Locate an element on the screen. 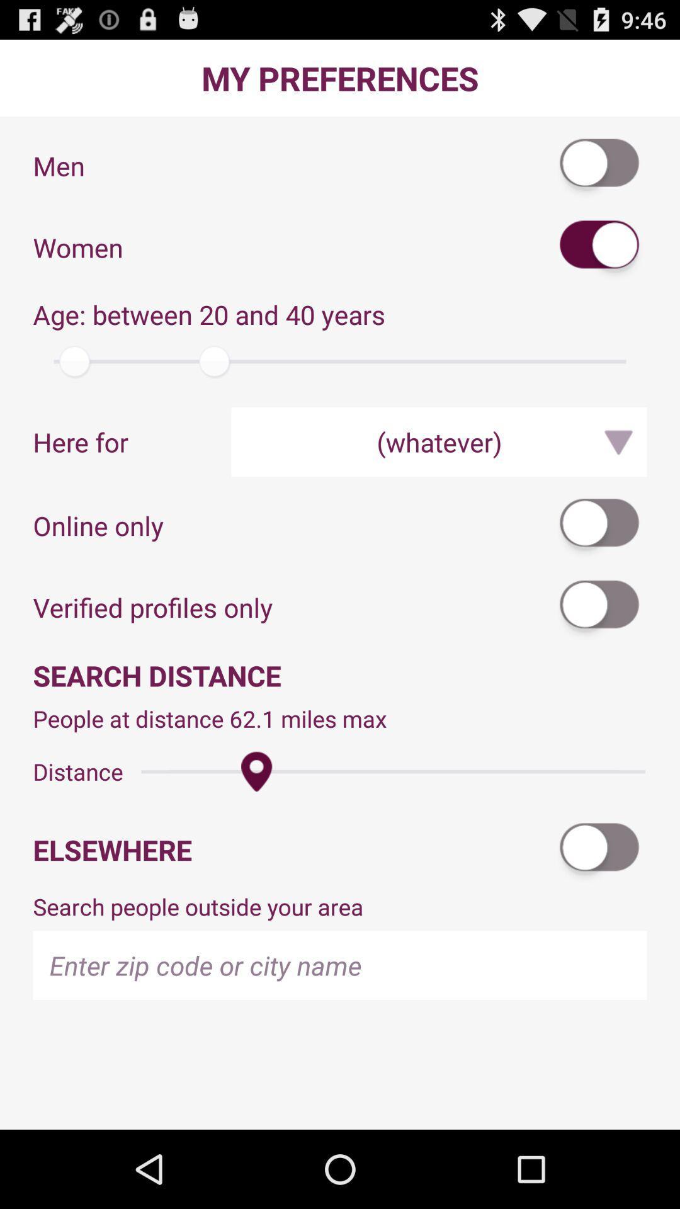 The height and width of the screenshot is (1209, 680). type in zip code or city name is located at coordinates (340, 964).